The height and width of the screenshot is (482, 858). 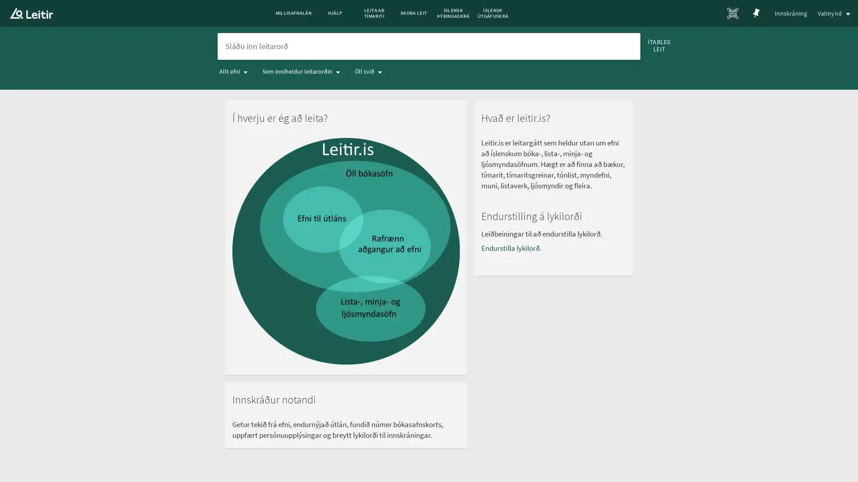 I want to click on Opna raddleit, so click(x=607, y=50).